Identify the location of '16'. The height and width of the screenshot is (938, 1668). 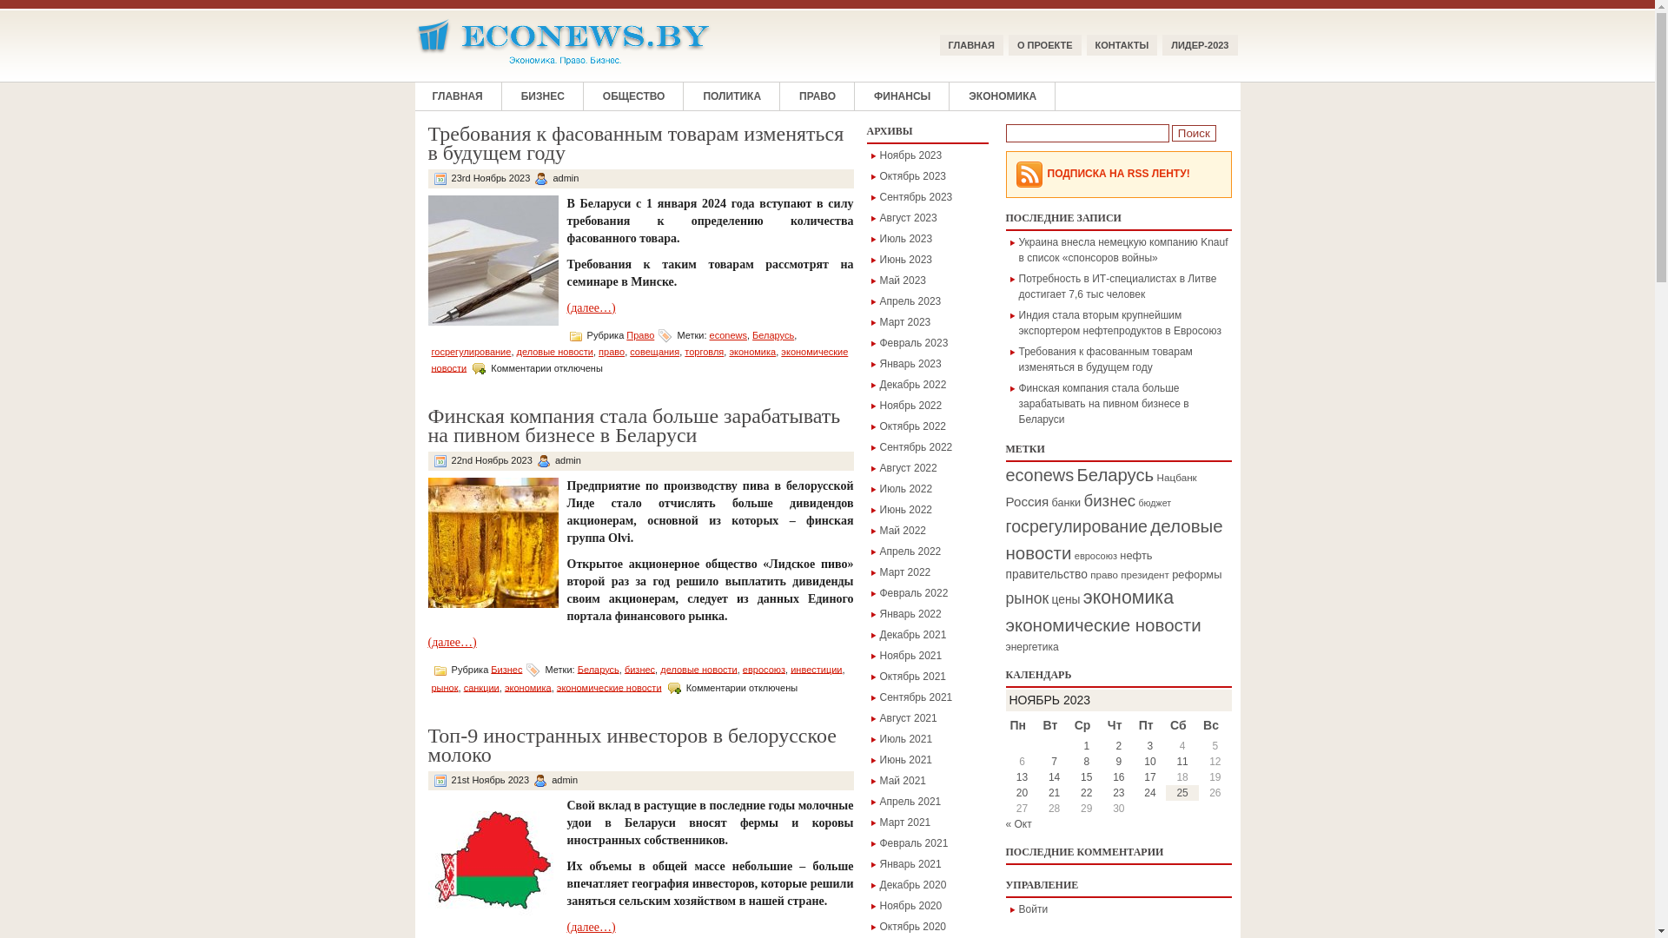
(1118, 776).